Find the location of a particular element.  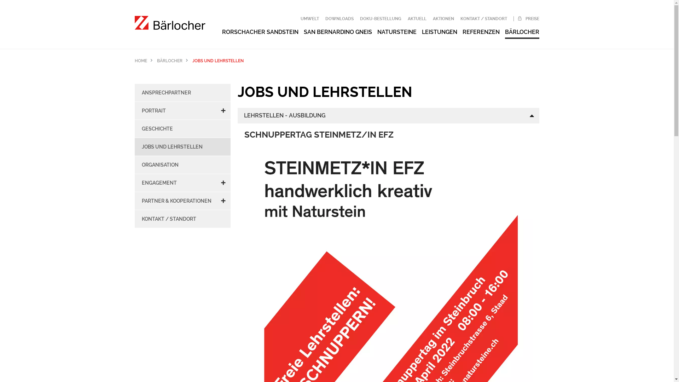

'SAN BERNARDINO GNEIS' is located at coordinates (337, 32).